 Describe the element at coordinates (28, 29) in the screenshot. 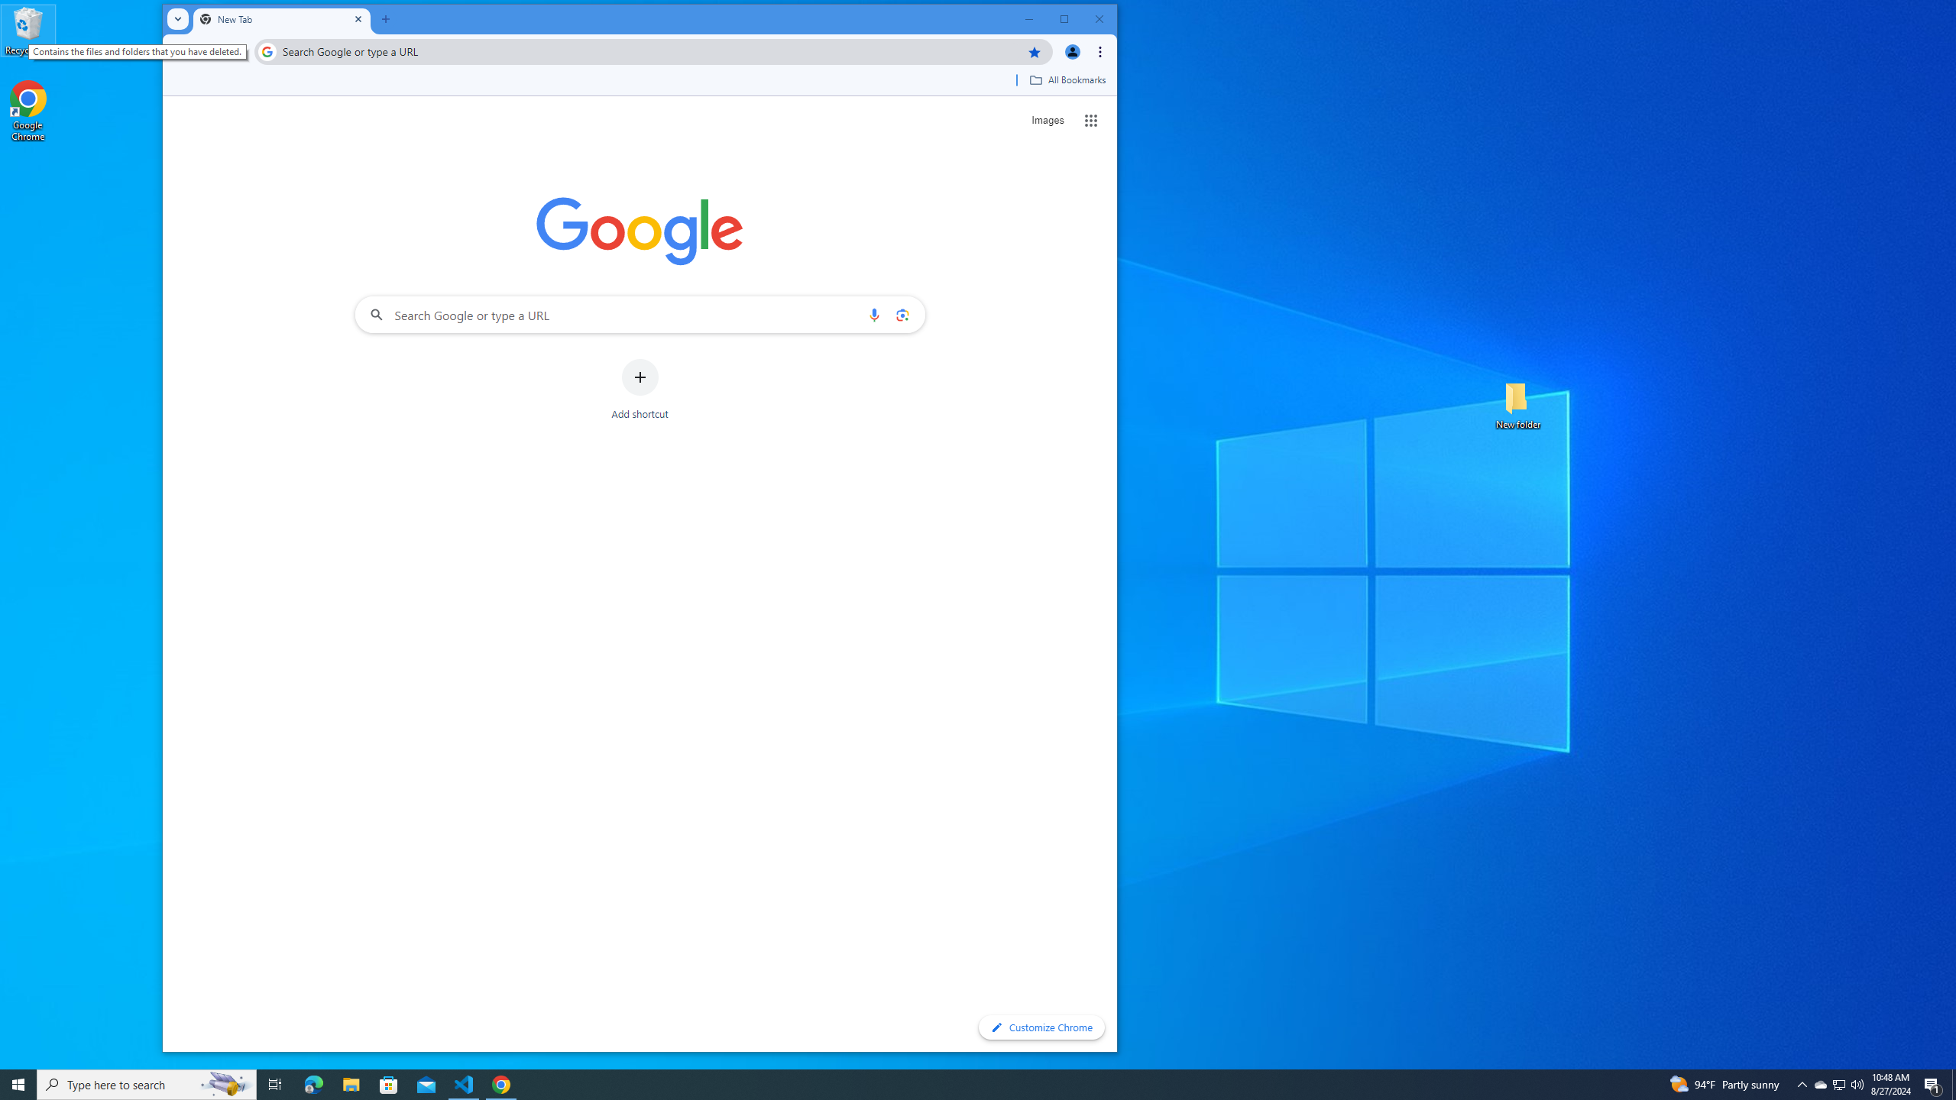

I see `'Recycle Bin'` at that location.